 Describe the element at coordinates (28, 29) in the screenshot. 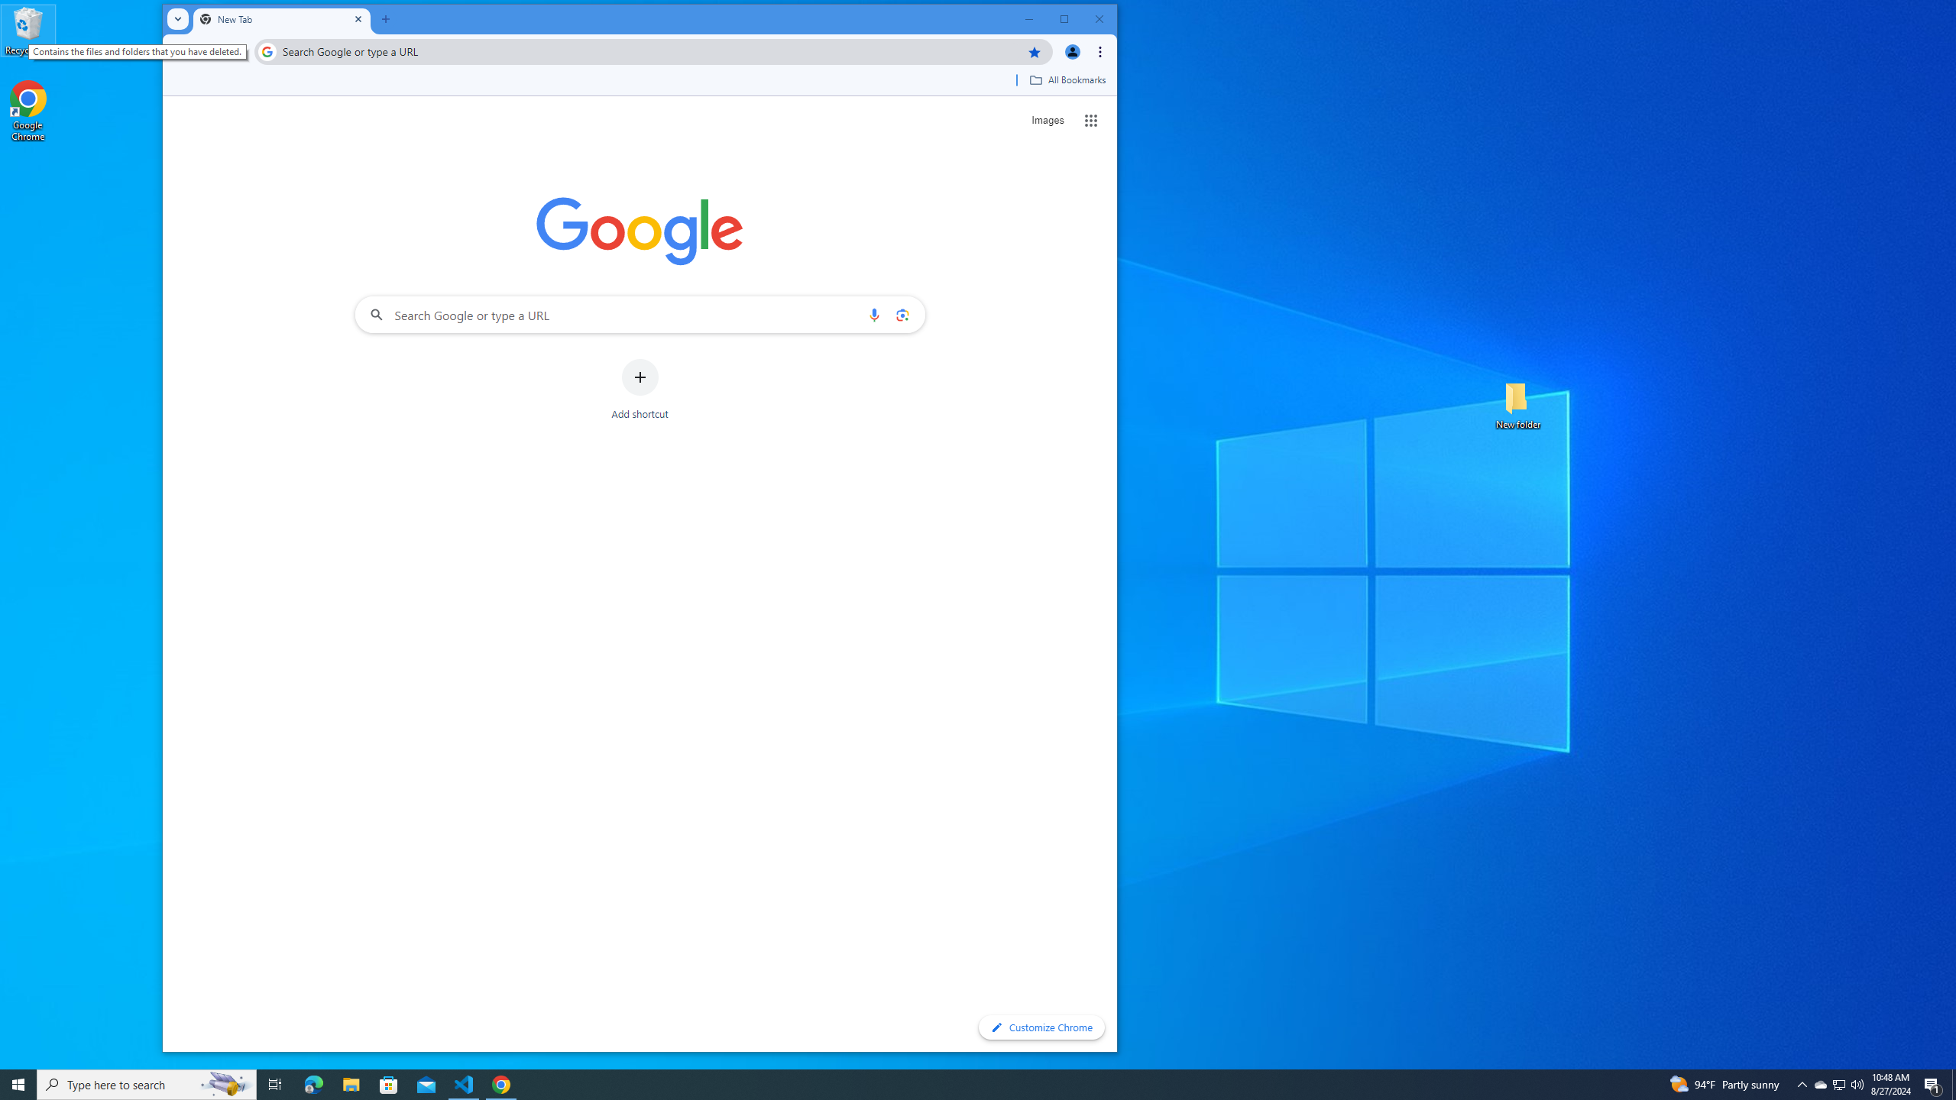

I see `'Recycle Bin'` at that location.